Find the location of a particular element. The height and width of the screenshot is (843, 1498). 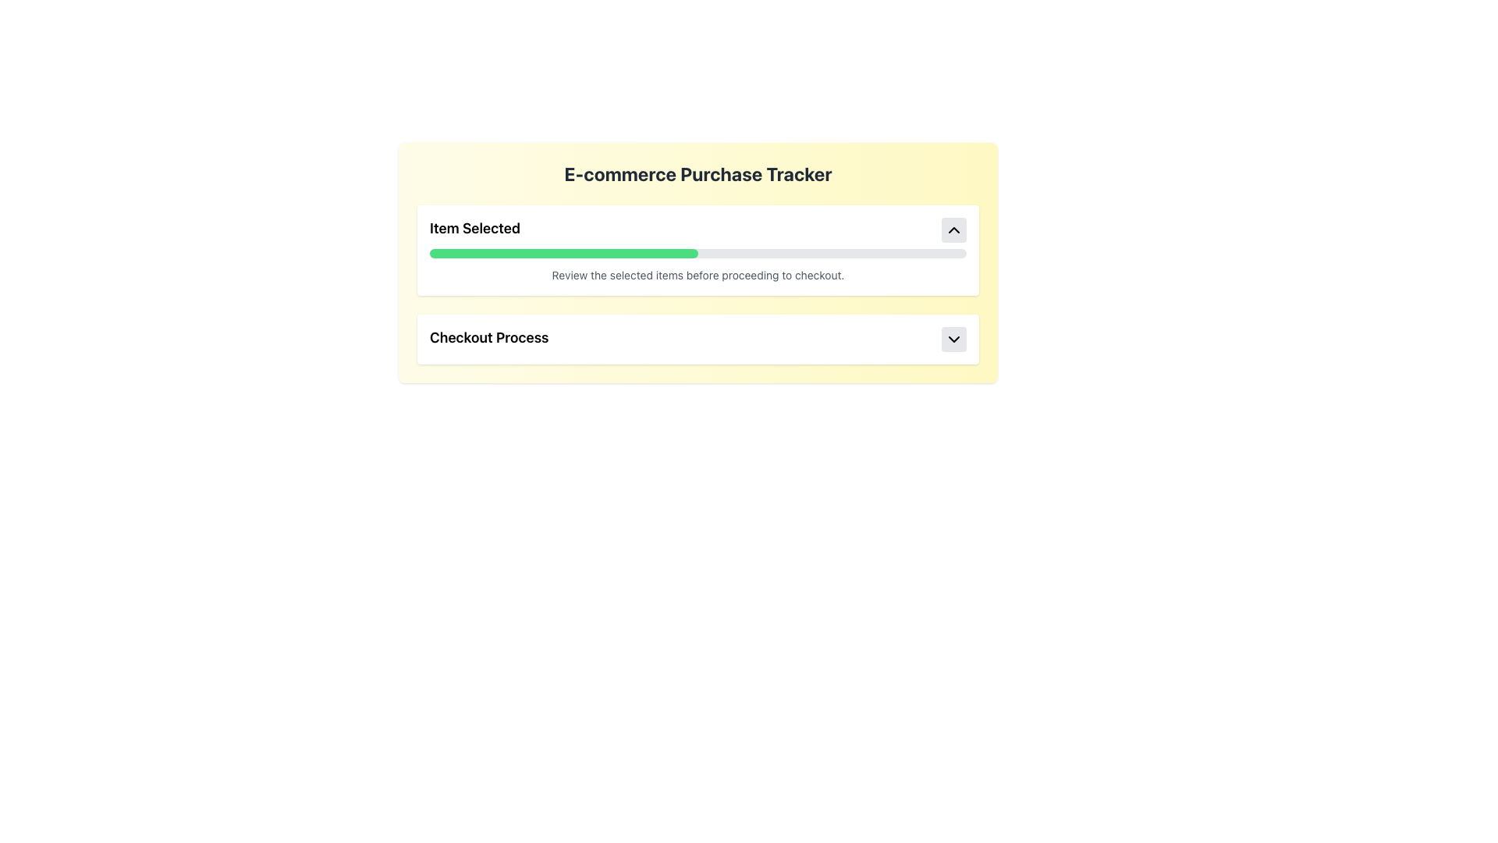

the linear progress bar below the 'Item Selected' heading, which has a light gray background and a green section indicating half progress is located at coordinates (697, 252).